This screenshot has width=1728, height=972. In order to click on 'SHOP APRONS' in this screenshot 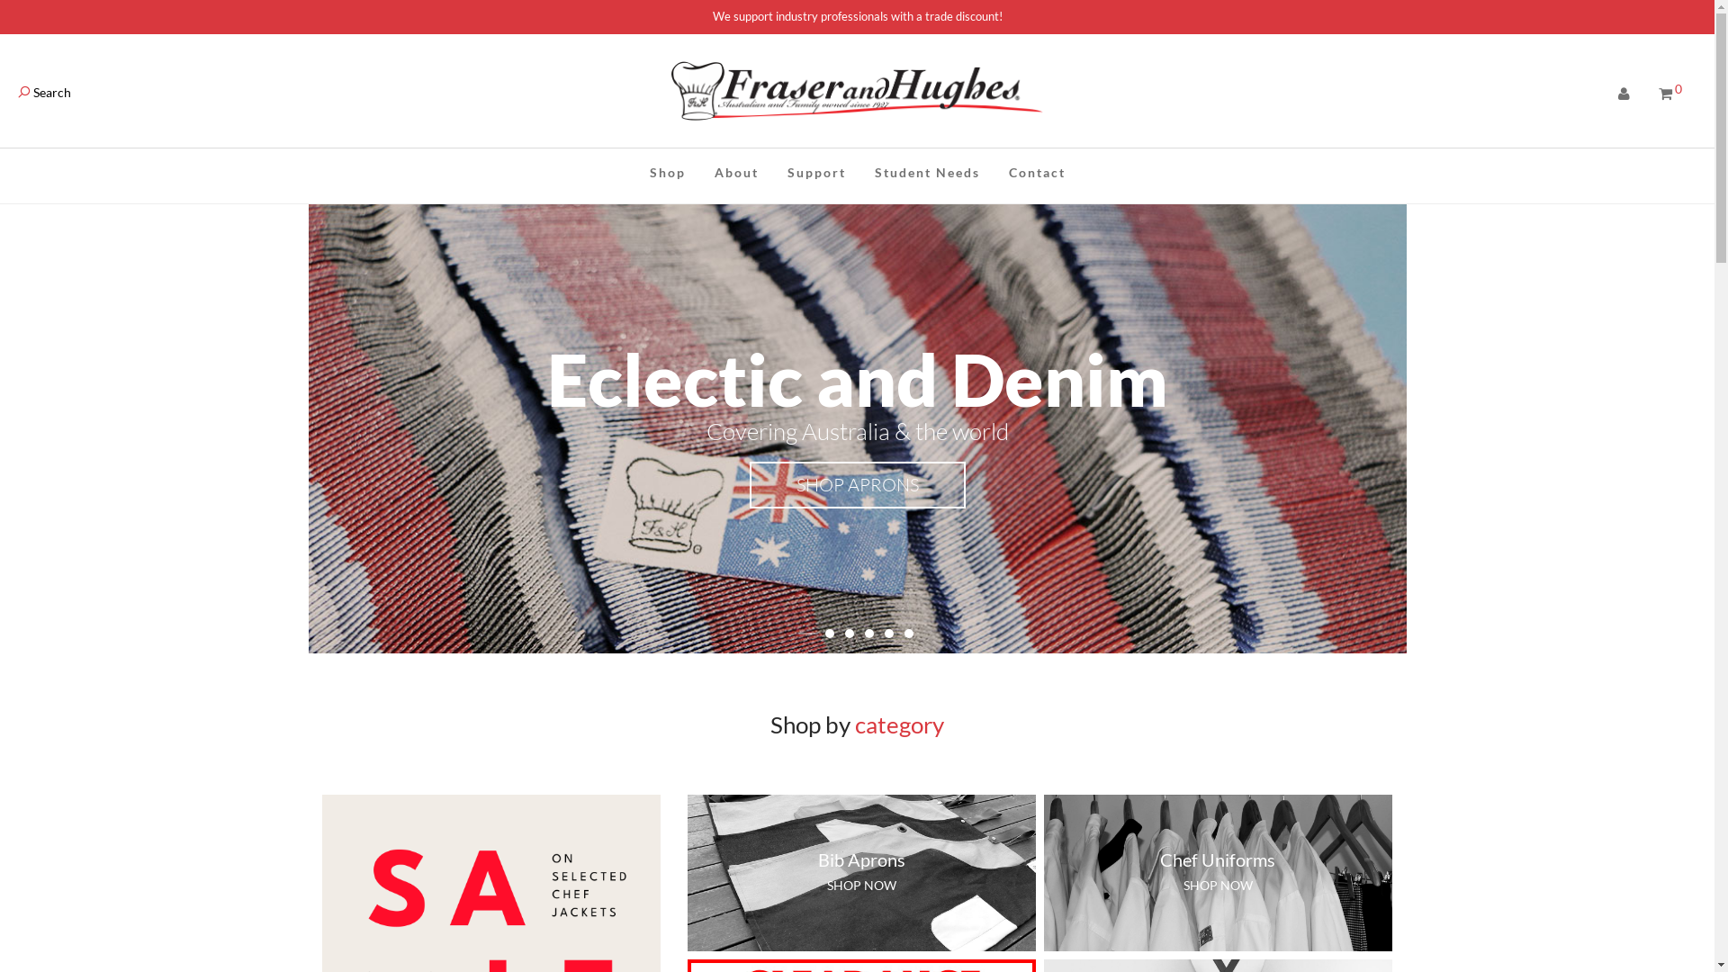, I will do `click(855, 484)`.